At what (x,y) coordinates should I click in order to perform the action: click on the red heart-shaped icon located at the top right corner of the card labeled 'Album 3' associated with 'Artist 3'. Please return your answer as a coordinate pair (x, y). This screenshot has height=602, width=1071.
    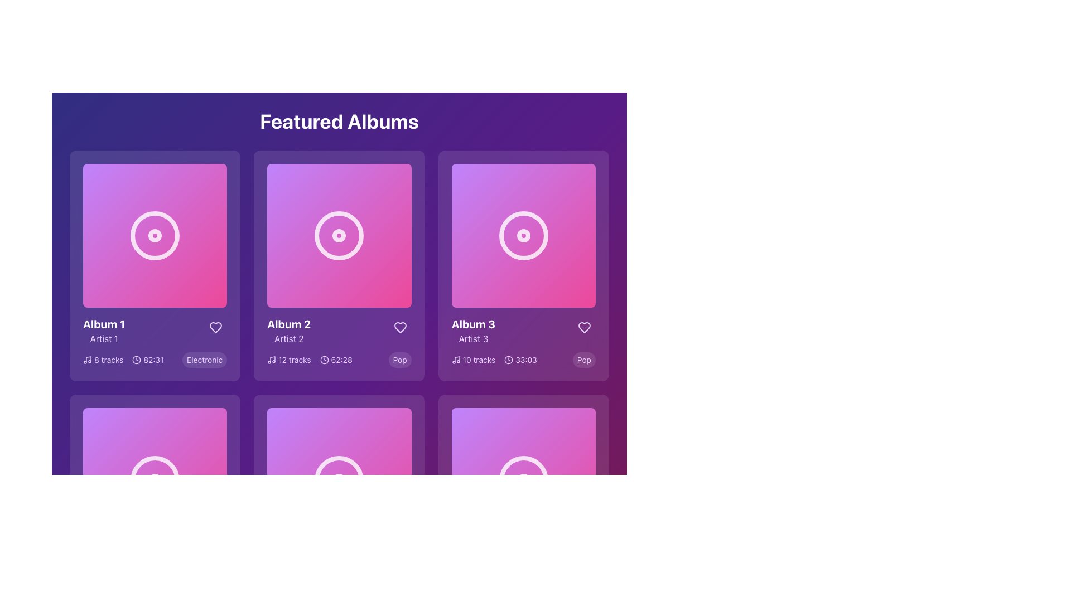
    Looking at the image, I should click on (583, 327).